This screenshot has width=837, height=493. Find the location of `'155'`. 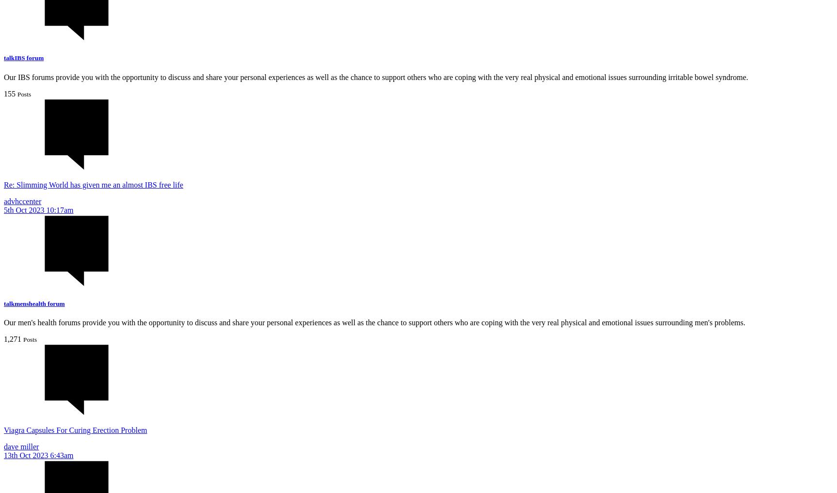

'155' is located at coordinates (10, 93).